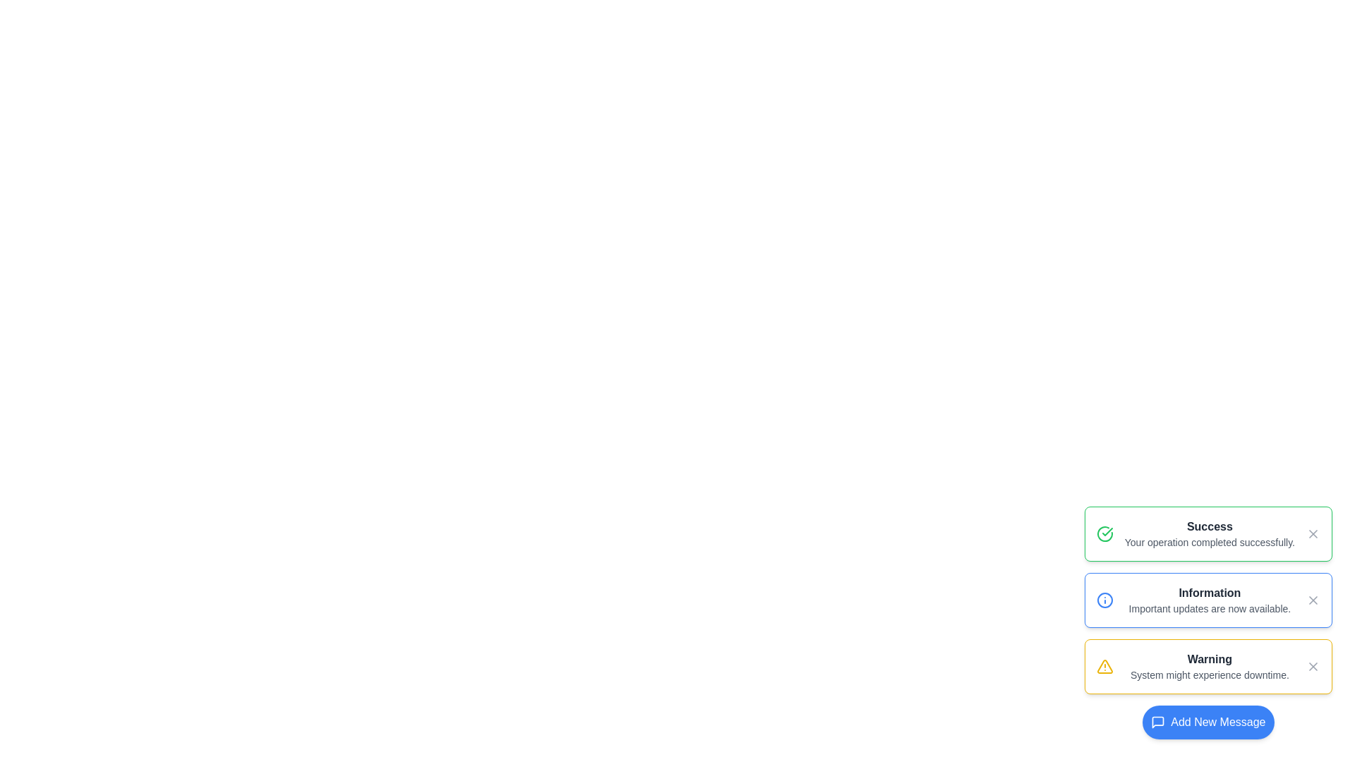 The width and height of the screenshot is (1355, 762). What do you see at coordinates (1209, 541) in the screenshot?
I see `the text element displaying 'Your operation completed successfully.' which is styled in gray and positioned below the 'Success' heading in the notification card` at bounding box center [1209, 541].